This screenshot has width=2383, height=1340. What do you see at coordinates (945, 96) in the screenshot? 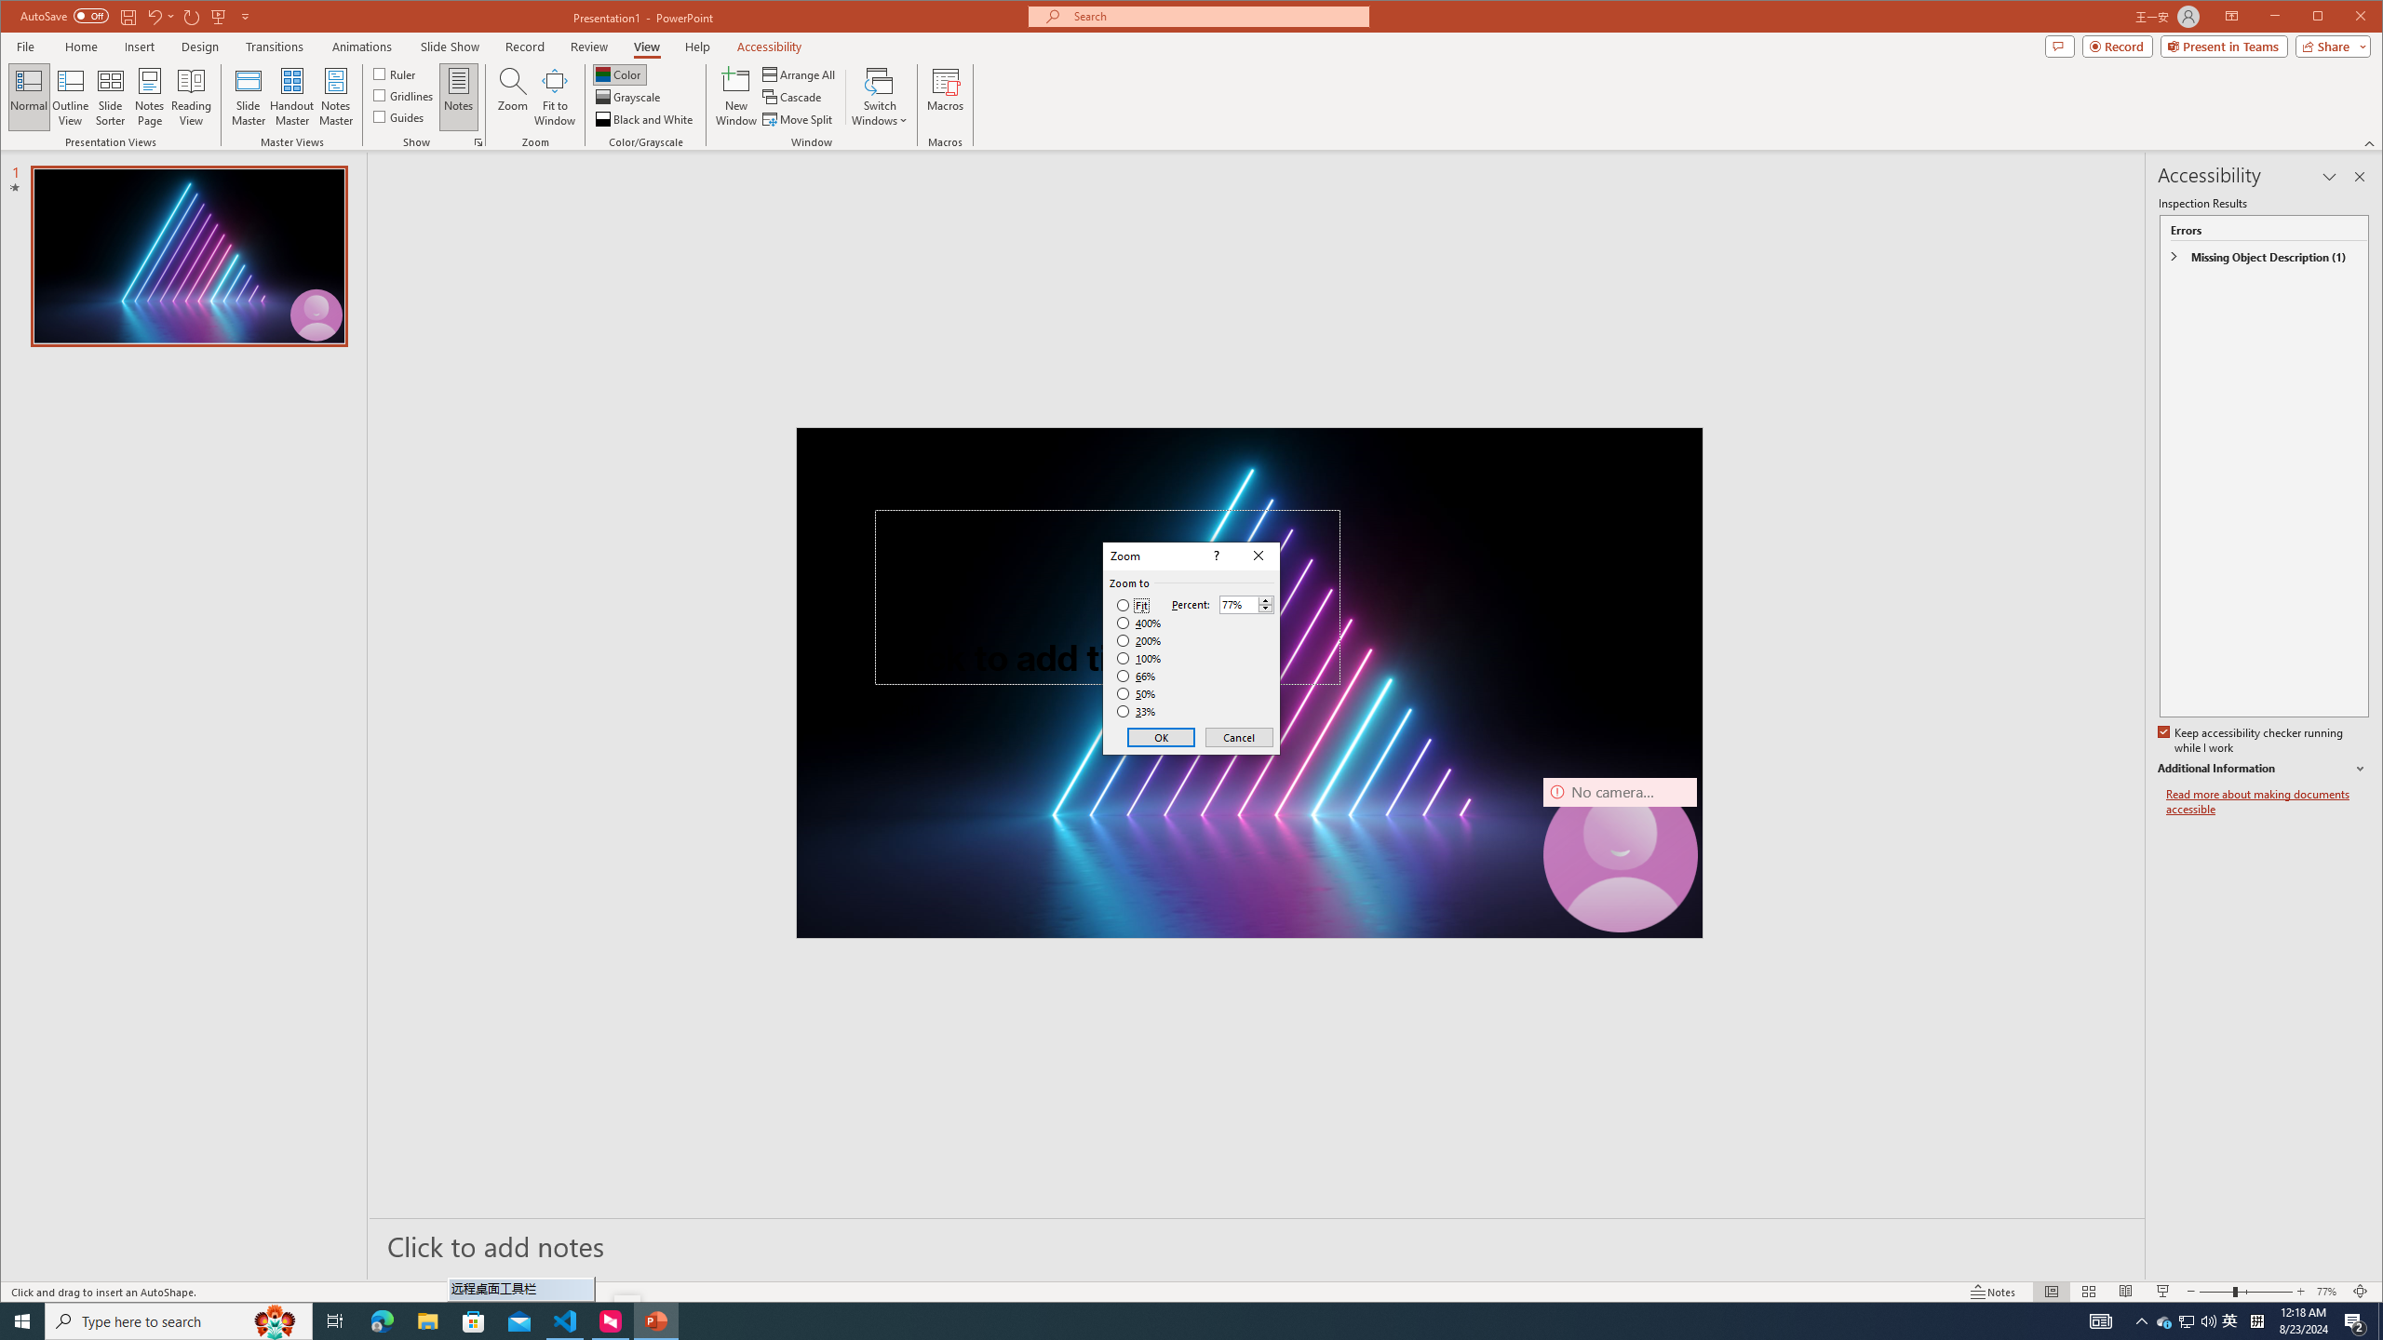
I see `'Macros'` at bounding box center [945, 96].